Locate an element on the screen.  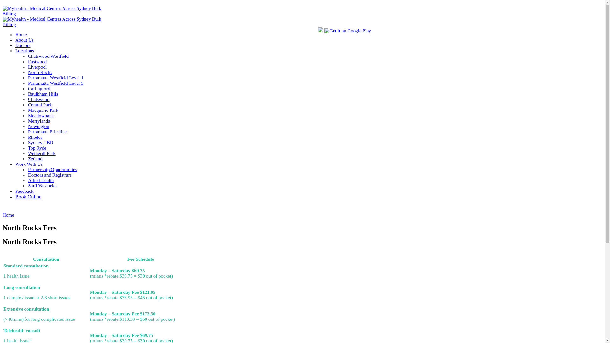
'Wetherill Park' is located at coordinates (41, 153).